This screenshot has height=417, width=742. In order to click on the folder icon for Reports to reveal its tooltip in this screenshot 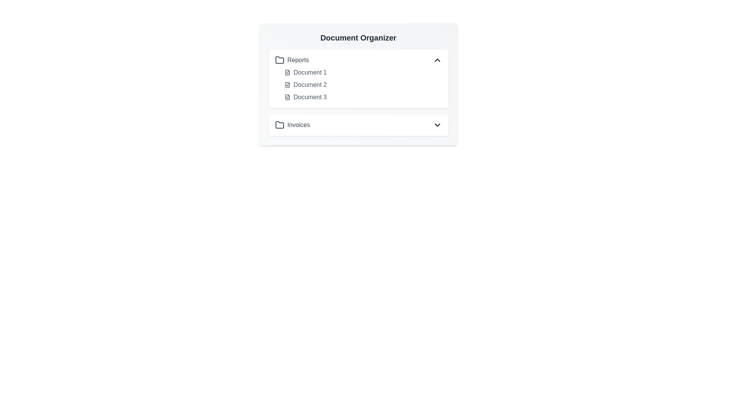, I will do `click(279, 59)`.